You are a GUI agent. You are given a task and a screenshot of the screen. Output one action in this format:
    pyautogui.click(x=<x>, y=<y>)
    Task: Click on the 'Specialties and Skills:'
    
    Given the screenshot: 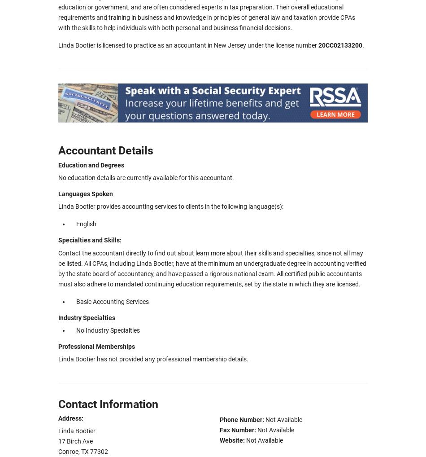 What is the action you would take?
    pyautogui.click(x=90, y=240)
    